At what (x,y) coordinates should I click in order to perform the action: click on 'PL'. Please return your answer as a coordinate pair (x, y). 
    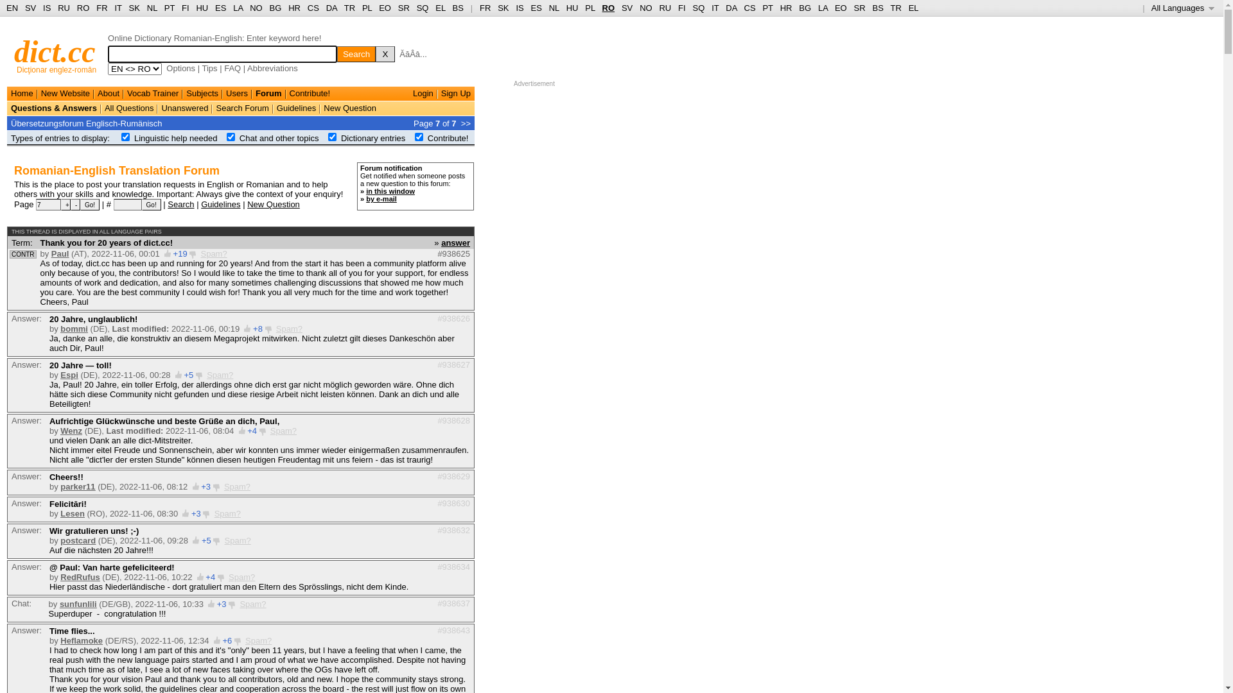
    Looking at the image, I should click on (589, 8).